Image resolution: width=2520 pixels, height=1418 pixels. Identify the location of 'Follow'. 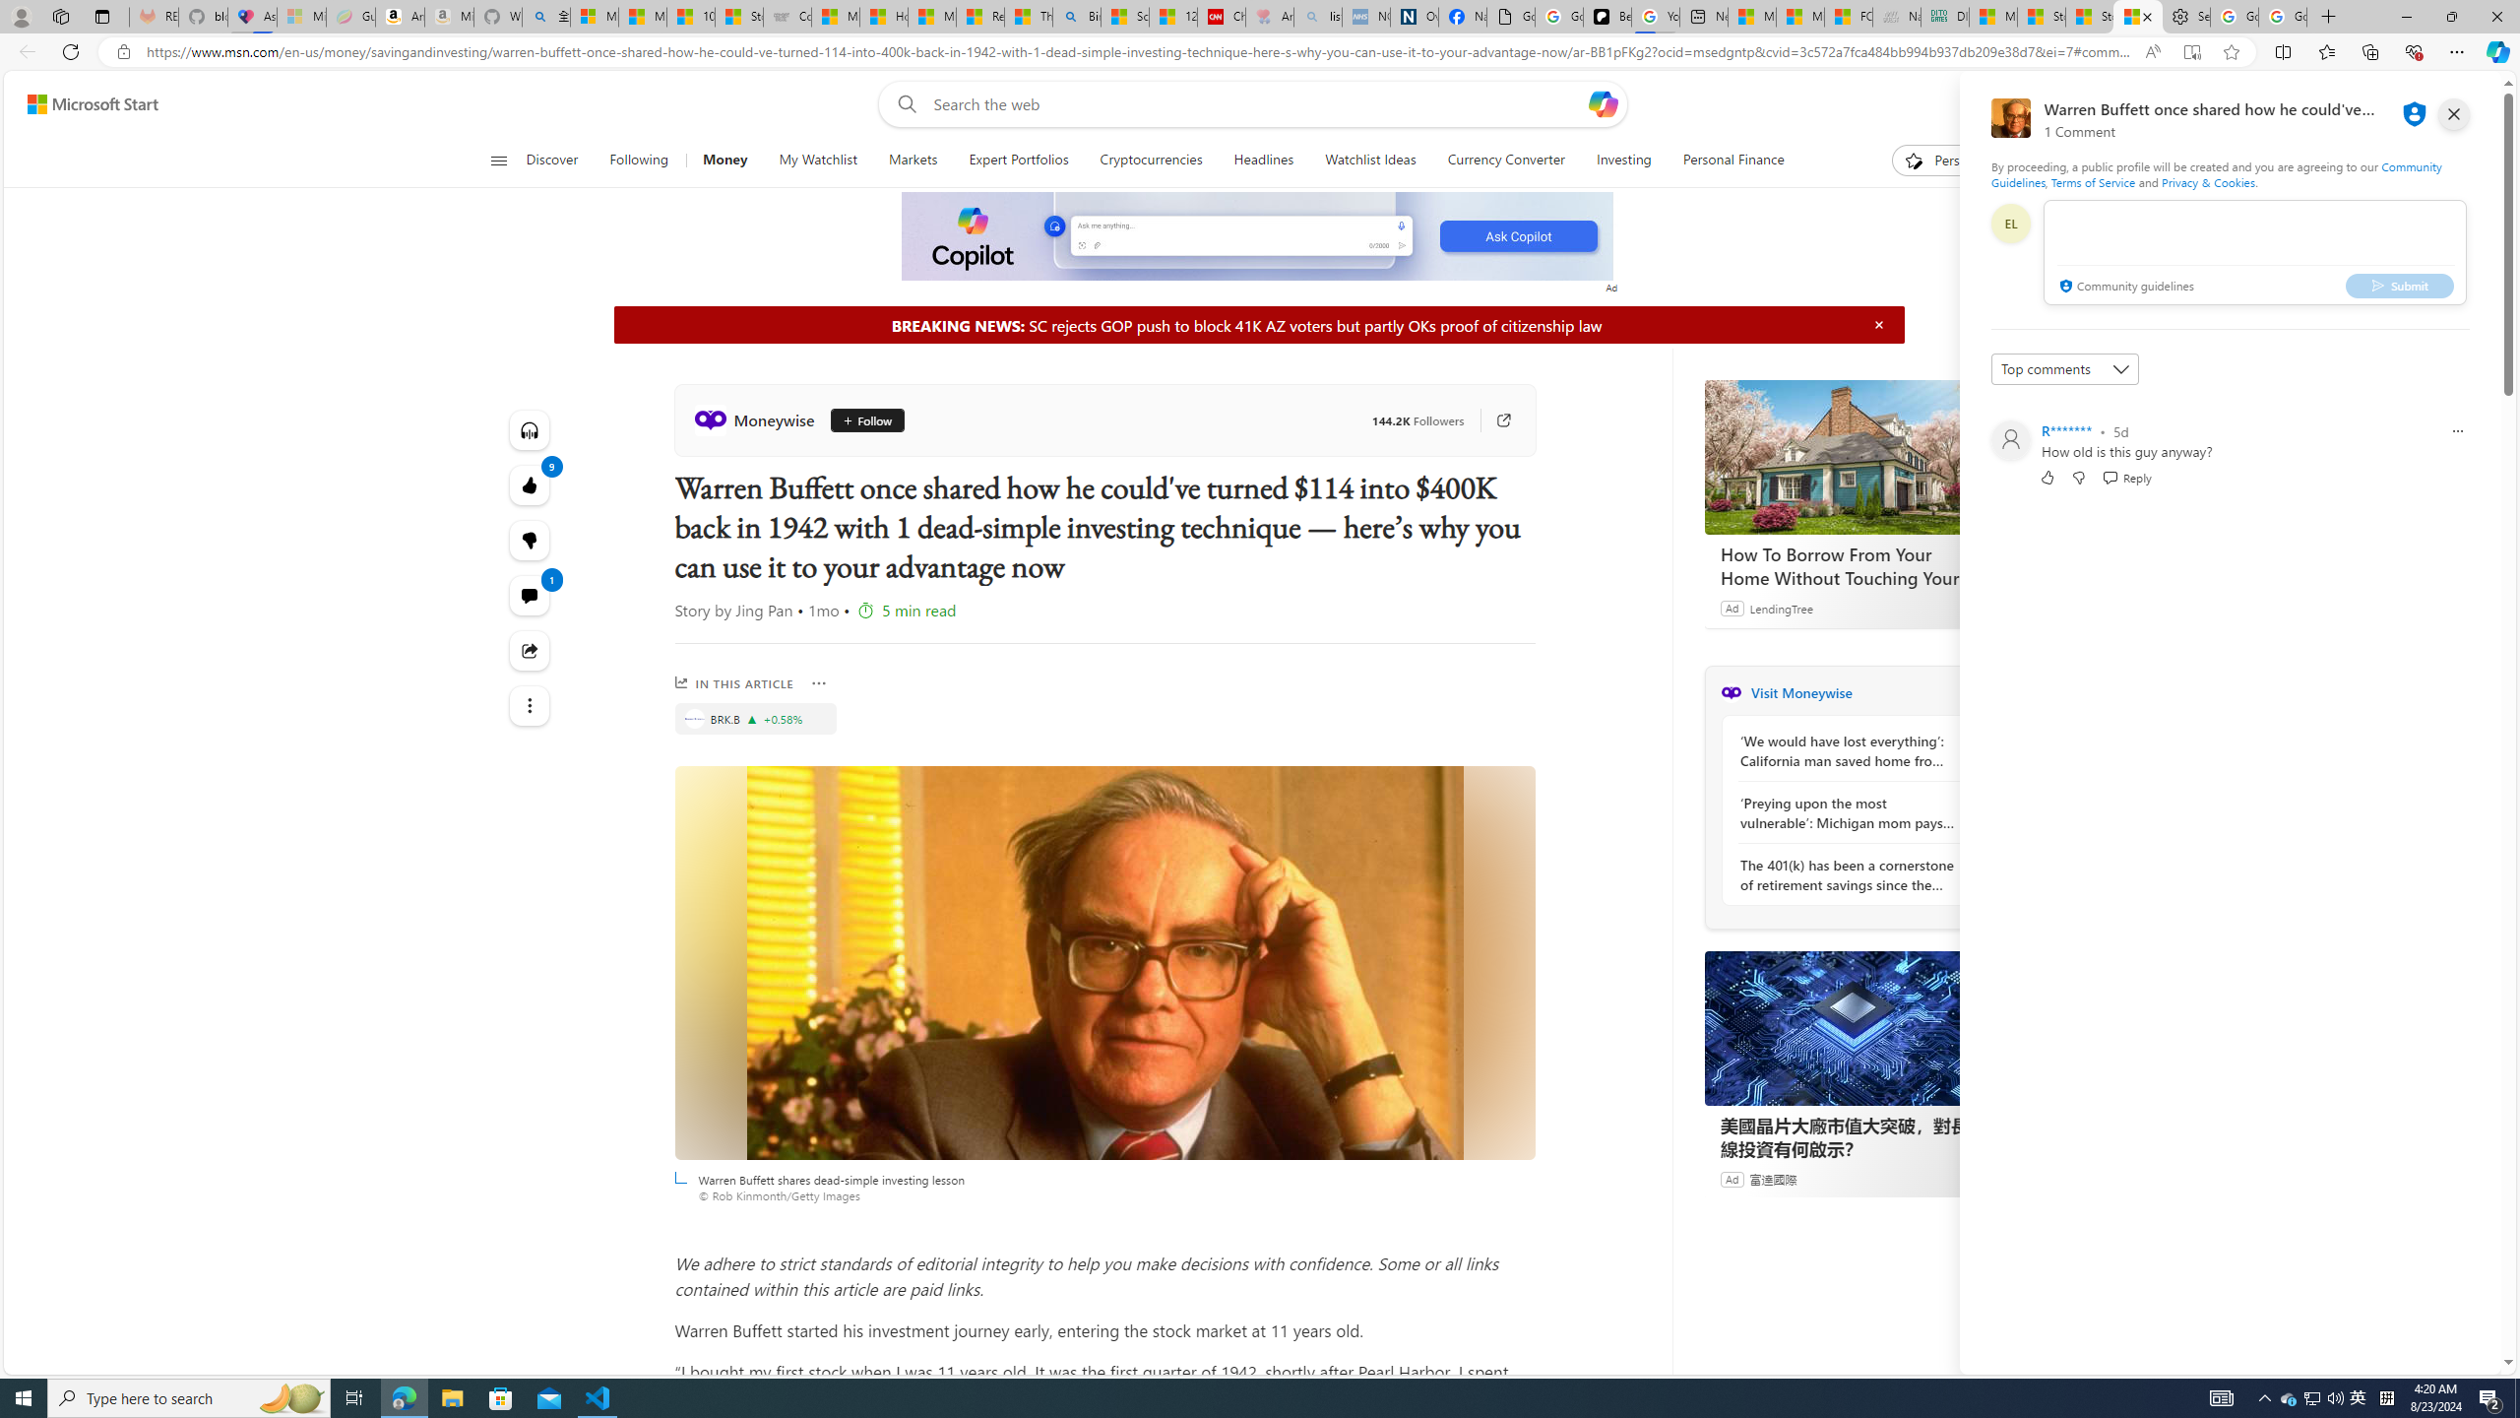
(859, 419).